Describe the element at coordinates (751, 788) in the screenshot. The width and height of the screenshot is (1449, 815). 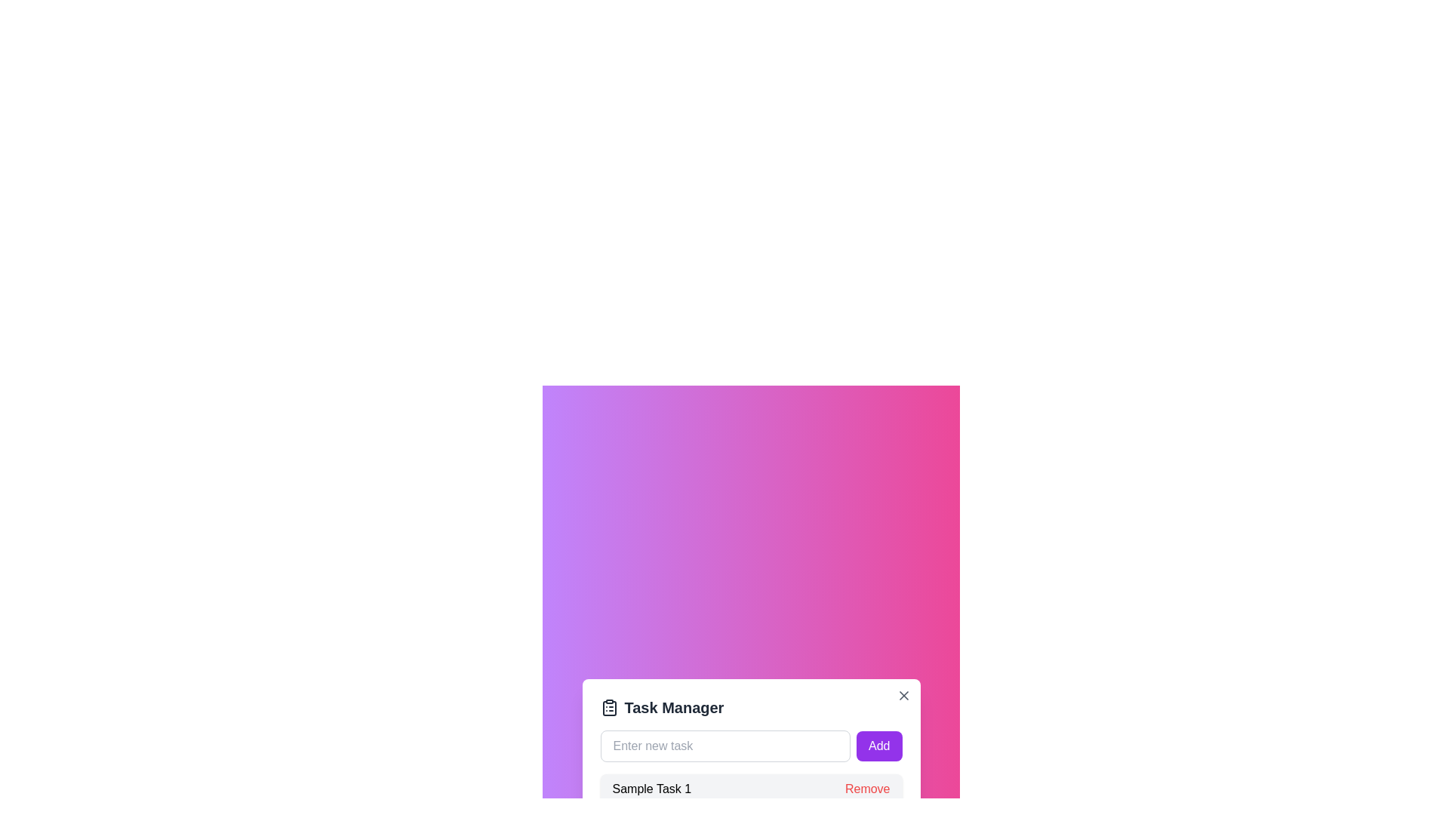
I see `task name from the list item that displays 'Sample Task 1' on the left side of the element, which has a light-gray background and a red 'Remove' button on the right` at that location.